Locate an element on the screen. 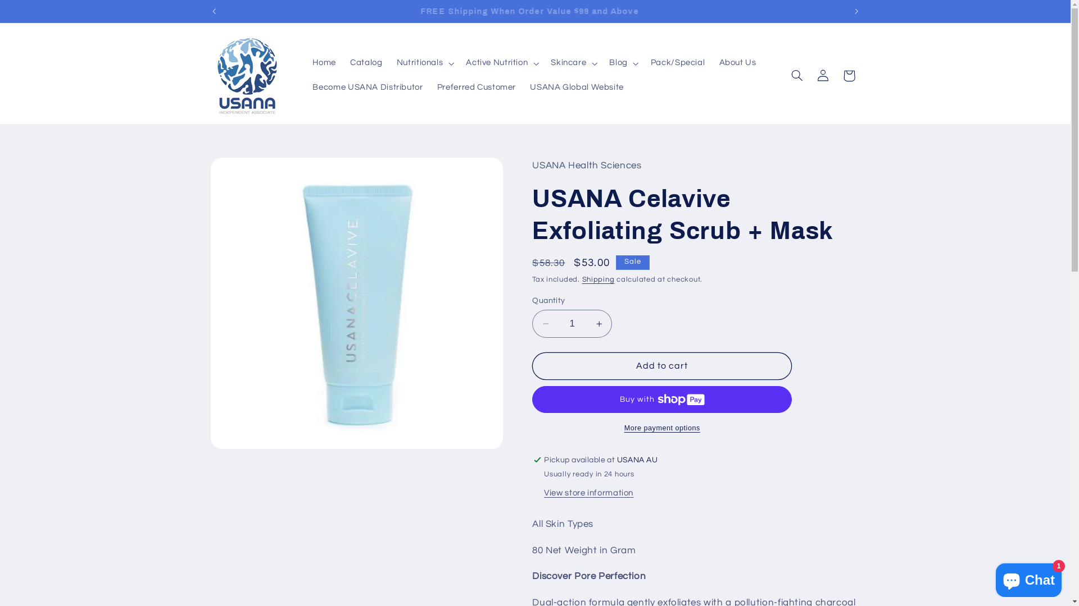  'Shipping' is located at coordinates (598, 279).